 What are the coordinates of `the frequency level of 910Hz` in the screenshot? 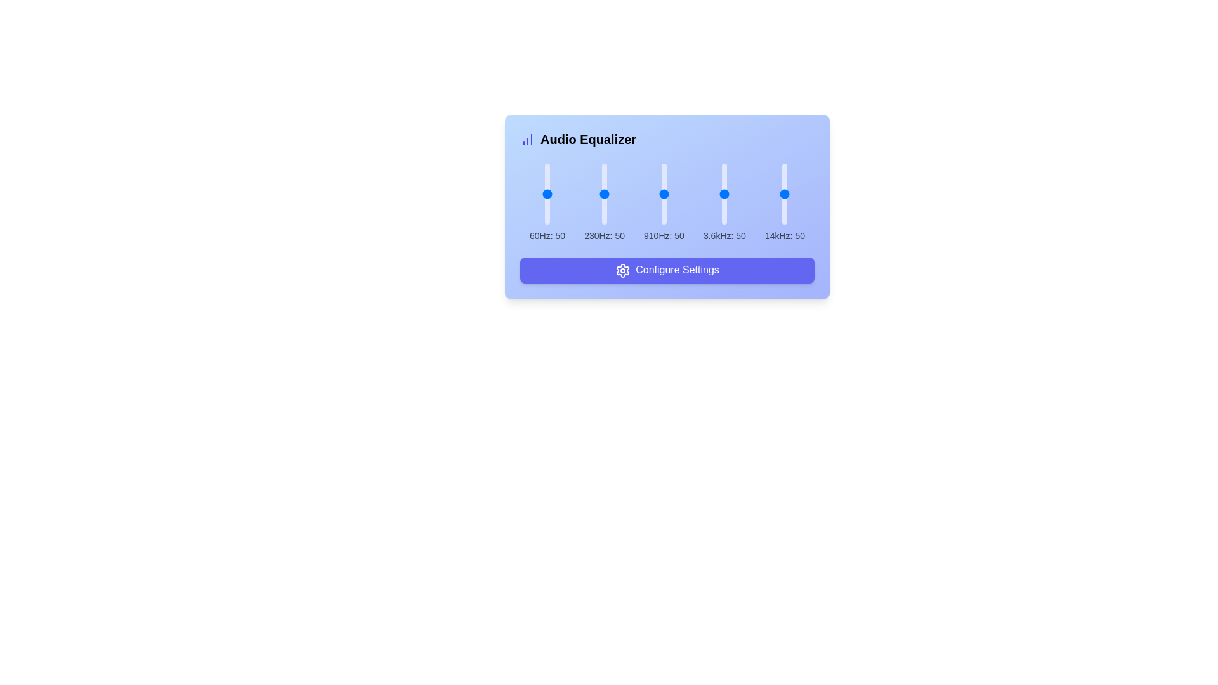 It's located at (663, 165).